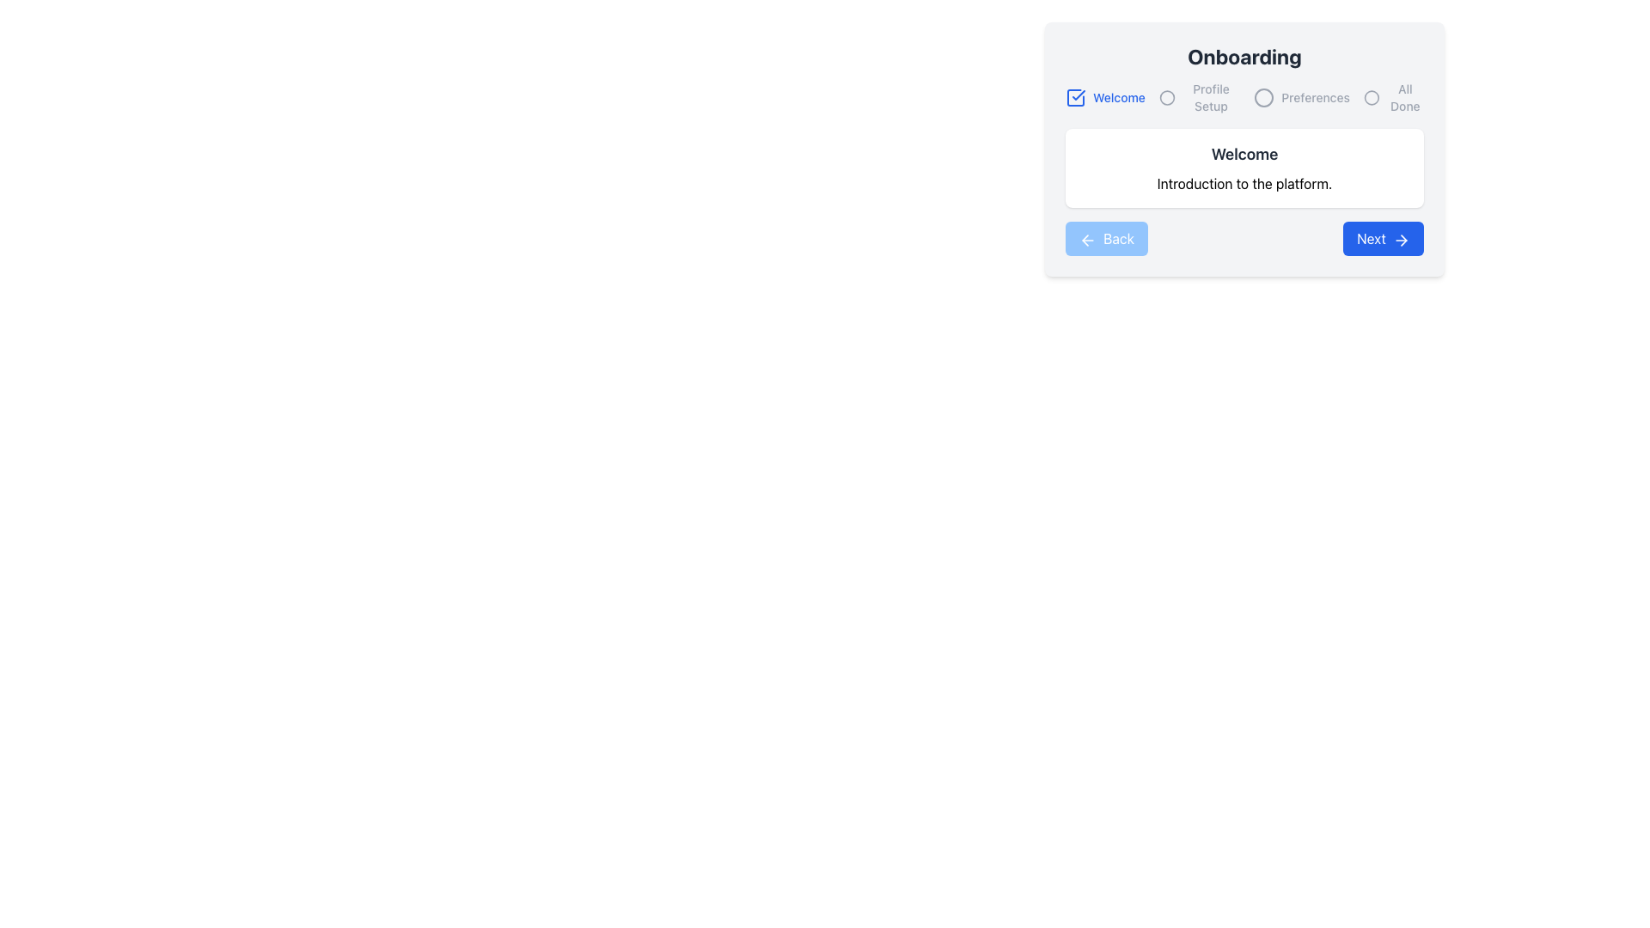 This screenshot has height=928, width=1650. What do you see at coordinates (1315, 98) in the screenshot?
I see `the third step label in the onboarding process, which is located to the right of the 'Profile Setup' icon and text, indicating the current or upcoming step` at bounding box center [1315, 98].